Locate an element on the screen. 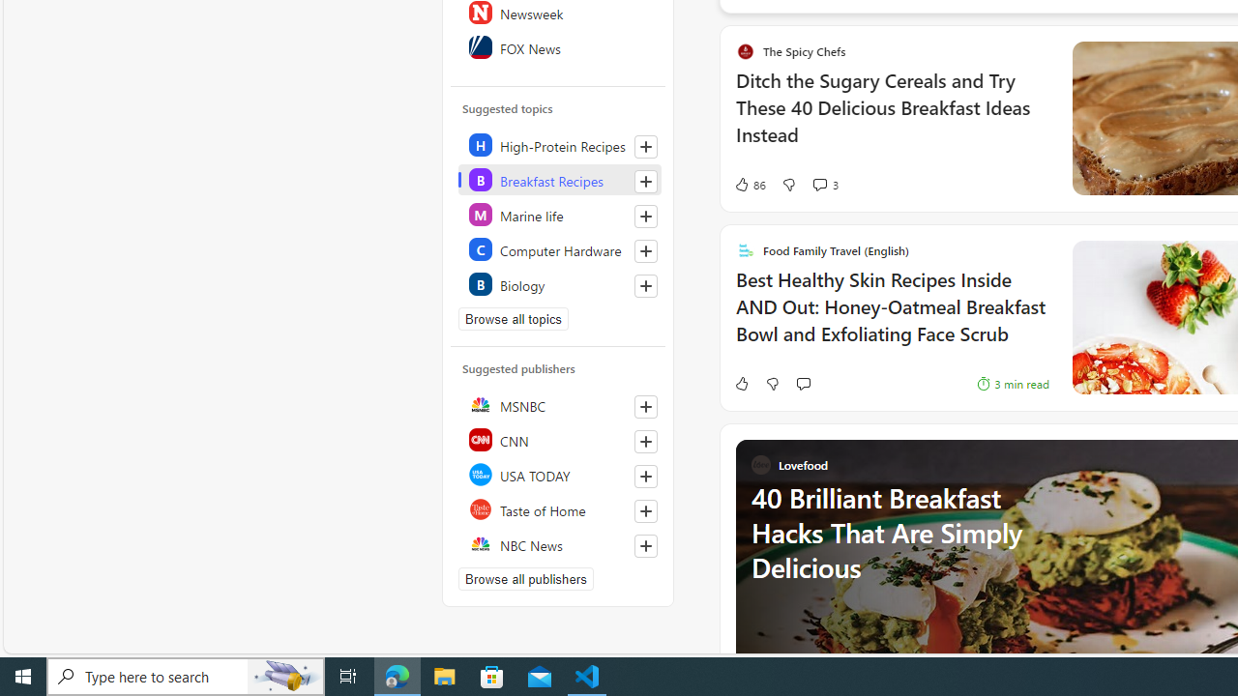  'Follow this source' is located at coordinates (646, 545).